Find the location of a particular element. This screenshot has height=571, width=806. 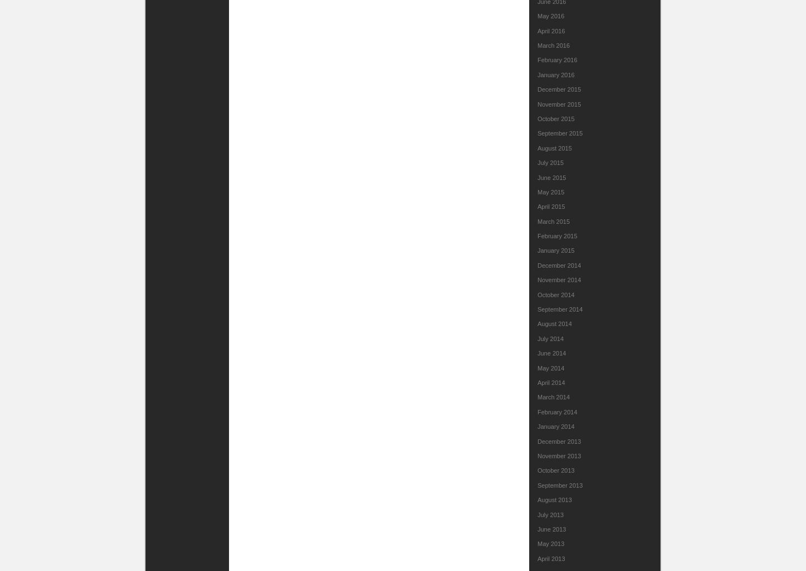

'January 2014' is located at coordinates (538, 426).